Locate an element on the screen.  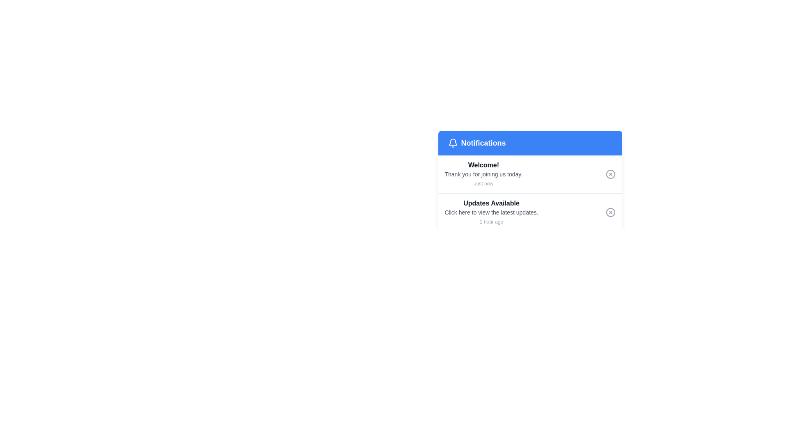
the welcoming message text located directly under the 'Welcome!' heading in the notification panel is located at coordinates (483, 174).